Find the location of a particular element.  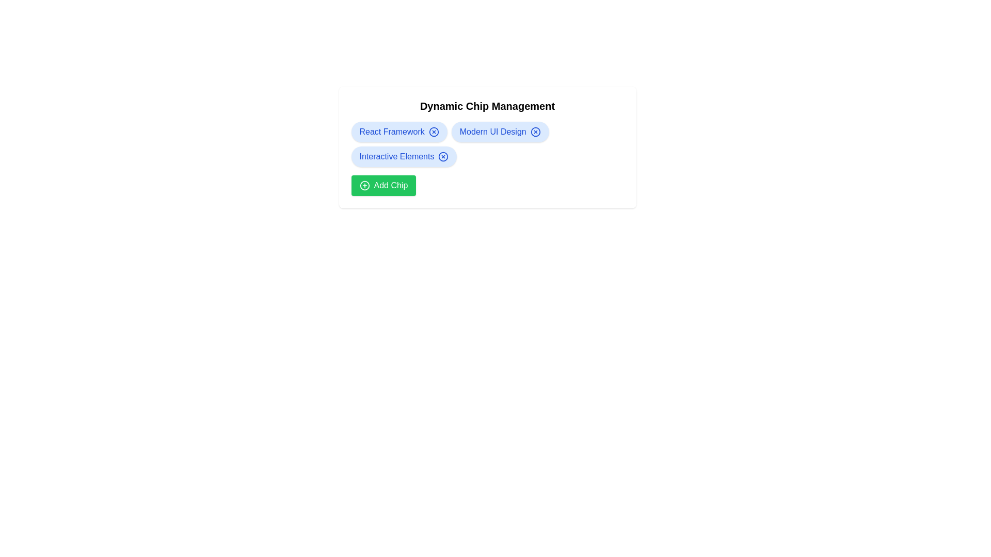

close button on the chip labeled React Framework to remove it is located at coordinates (434, 131).